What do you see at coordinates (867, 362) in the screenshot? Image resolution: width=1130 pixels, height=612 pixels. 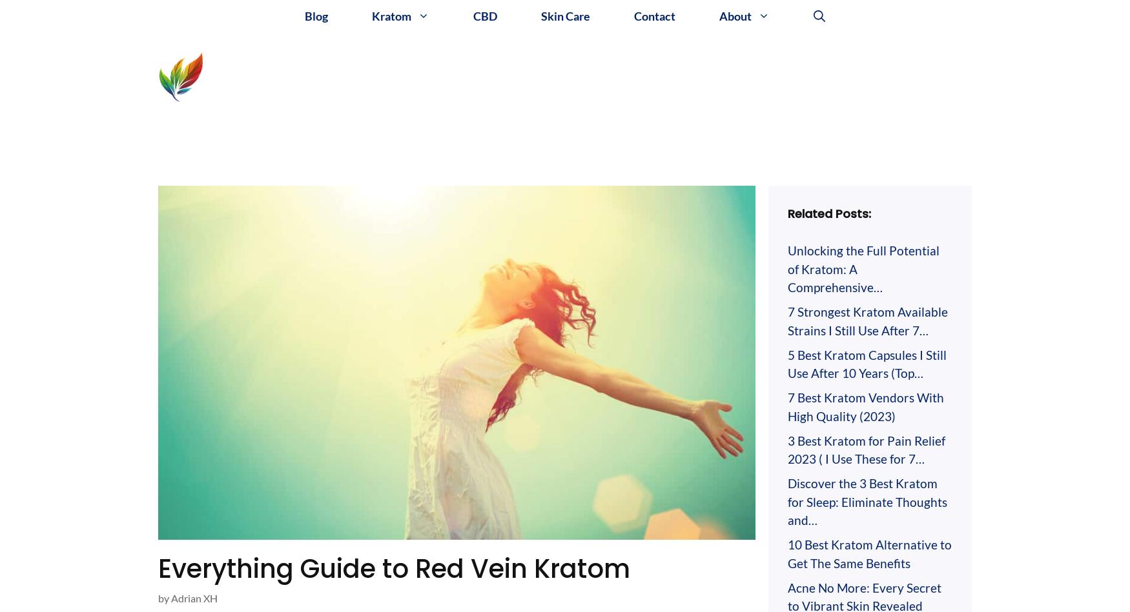 I see `'5 Best Kratom Capsules I Still Use After 10 Years (Top…'` at bounding box center [867, 362].